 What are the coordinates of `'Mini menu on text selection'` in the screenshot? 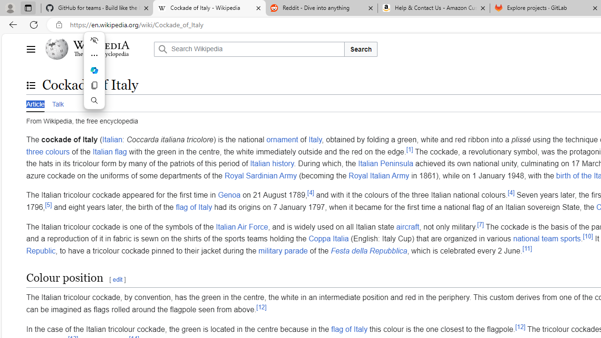 It's located at (94, 76).